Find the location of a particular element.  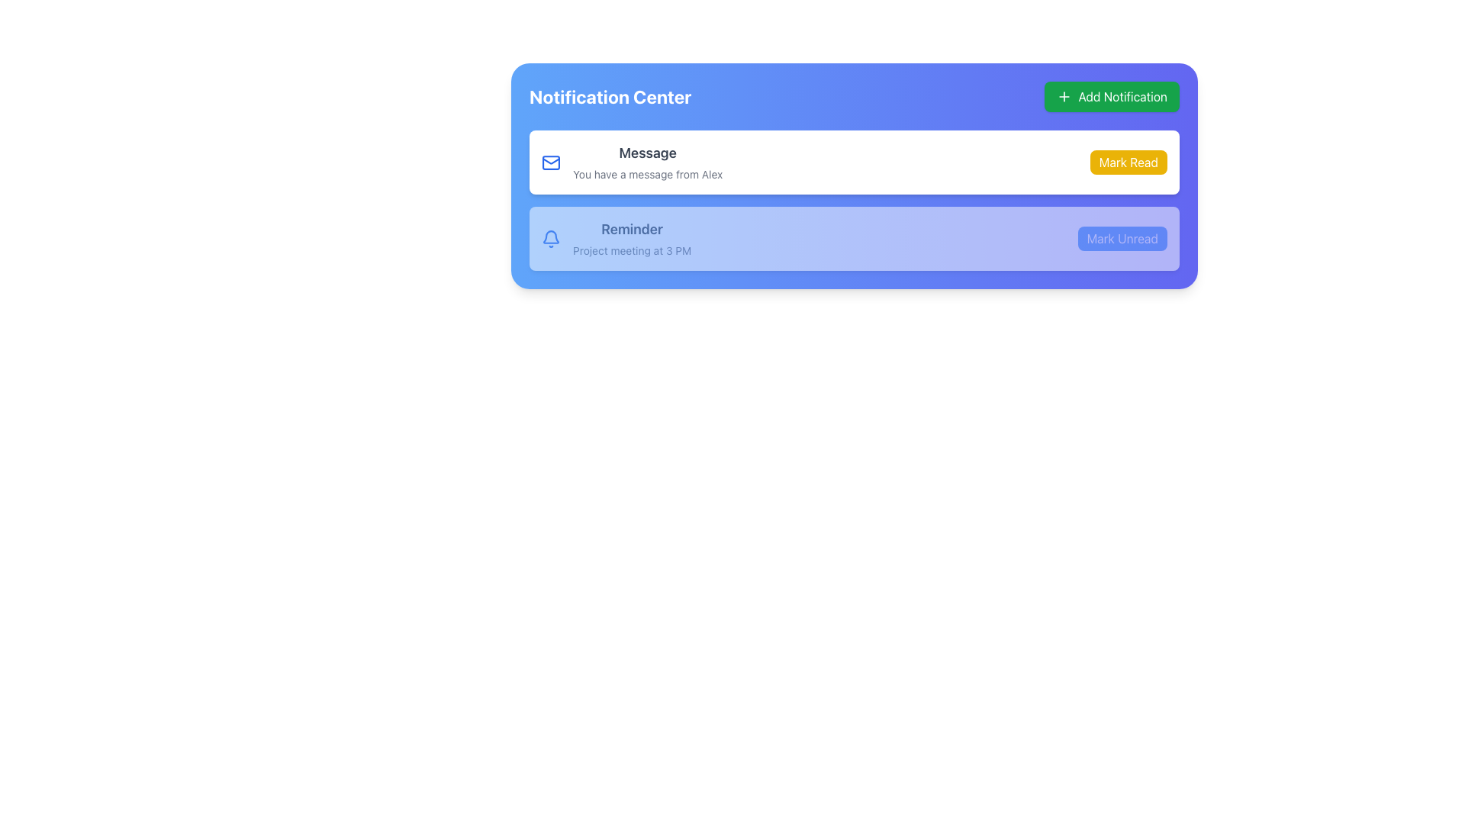

the Text Label that acts as a title for the notification card in the Notification Center interface, positioned near the top of the white card and adjacent to the envelope icon is located at coordinates (648, 153).